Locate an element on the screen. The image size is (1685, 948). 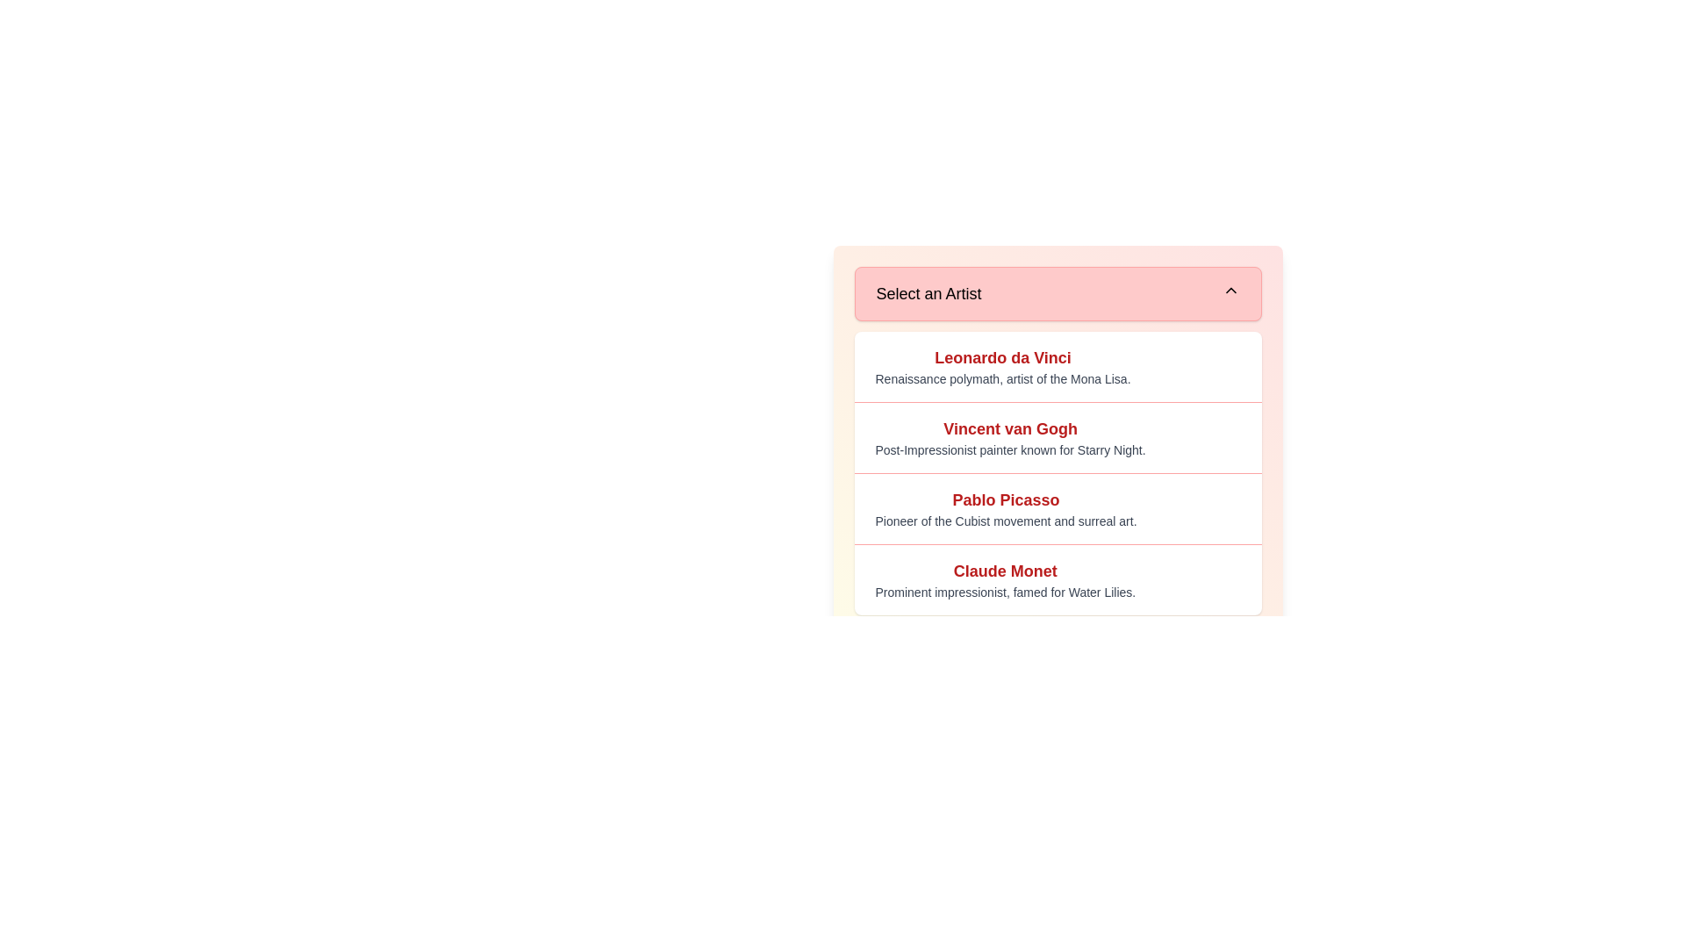
the text display element that shows the name 'Pablo Picasso' is located at coordinates (1006, 500).